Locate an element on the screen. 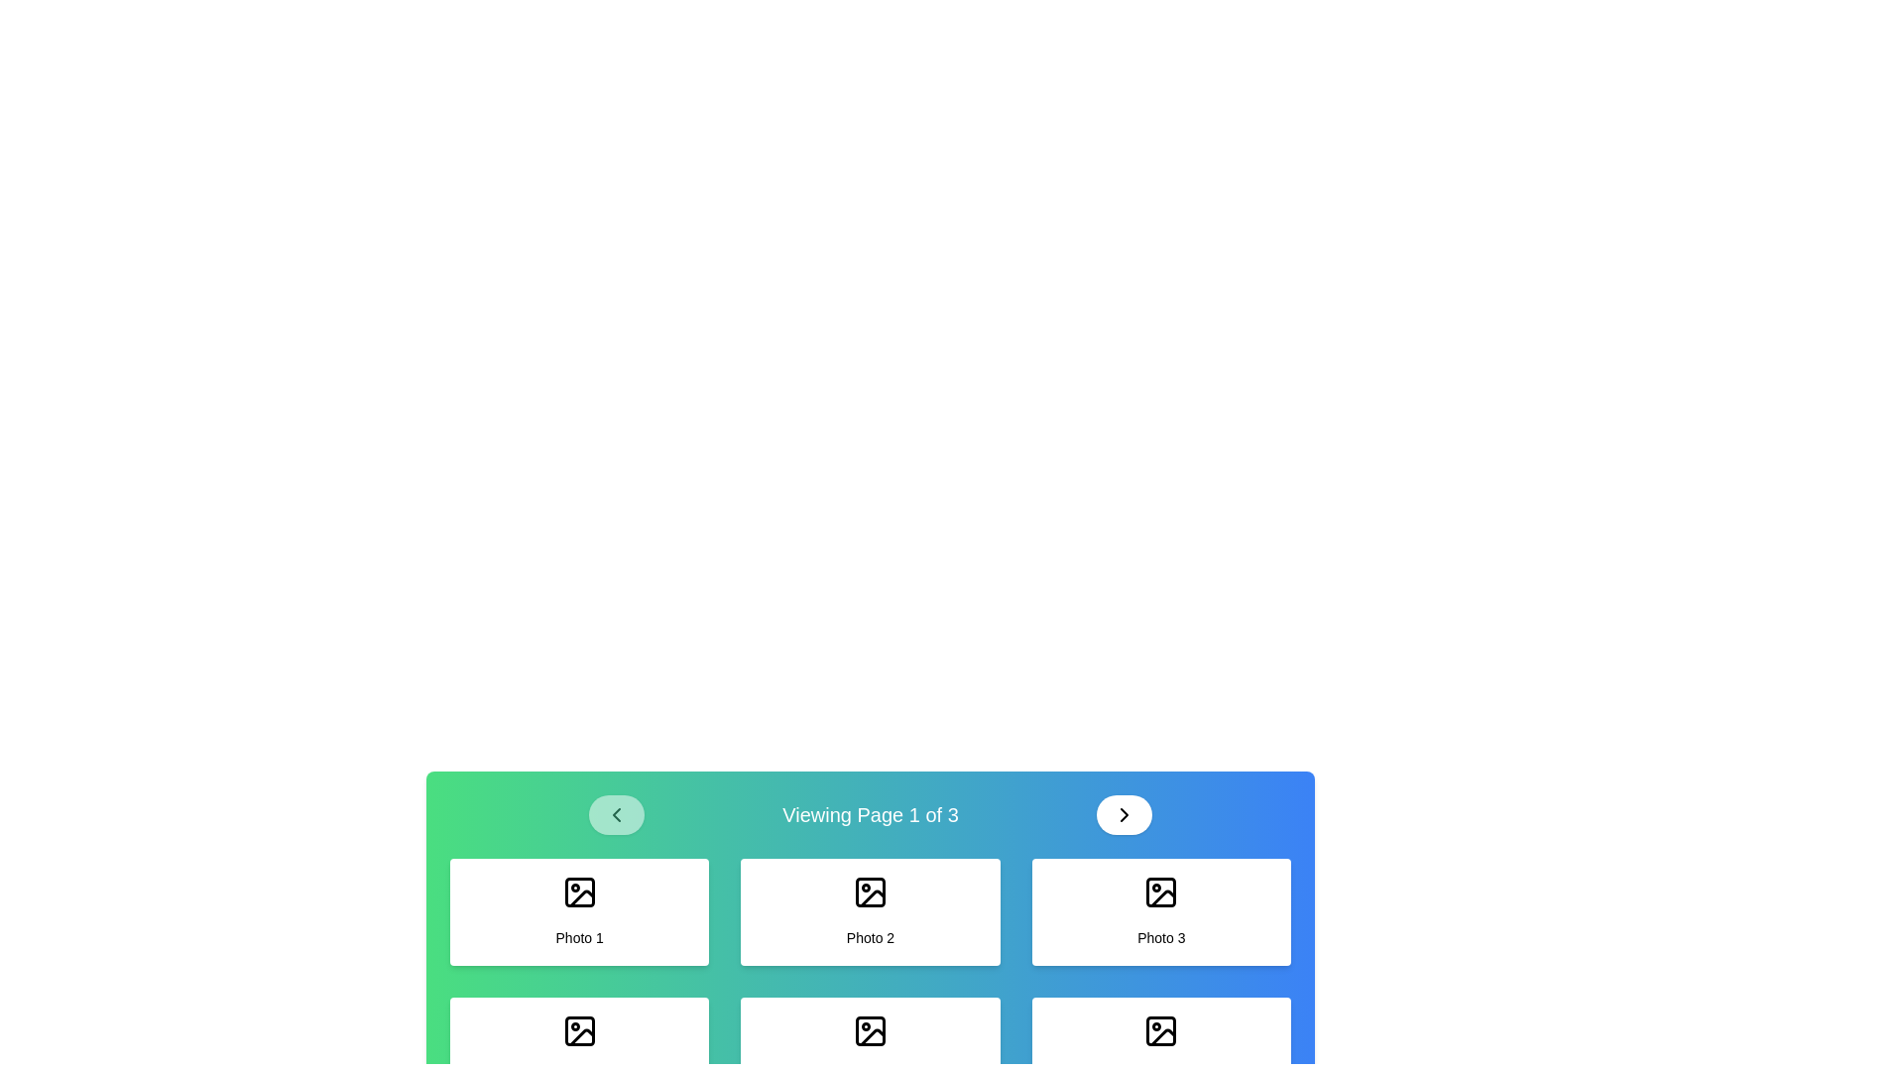 The height and width of the screenshot is (1071, 1904). the text label displaying 'Photo 2', which is positioned at the bottom of the middle card in the top row of a three-column grid layout is located at coordinates (871, 937).